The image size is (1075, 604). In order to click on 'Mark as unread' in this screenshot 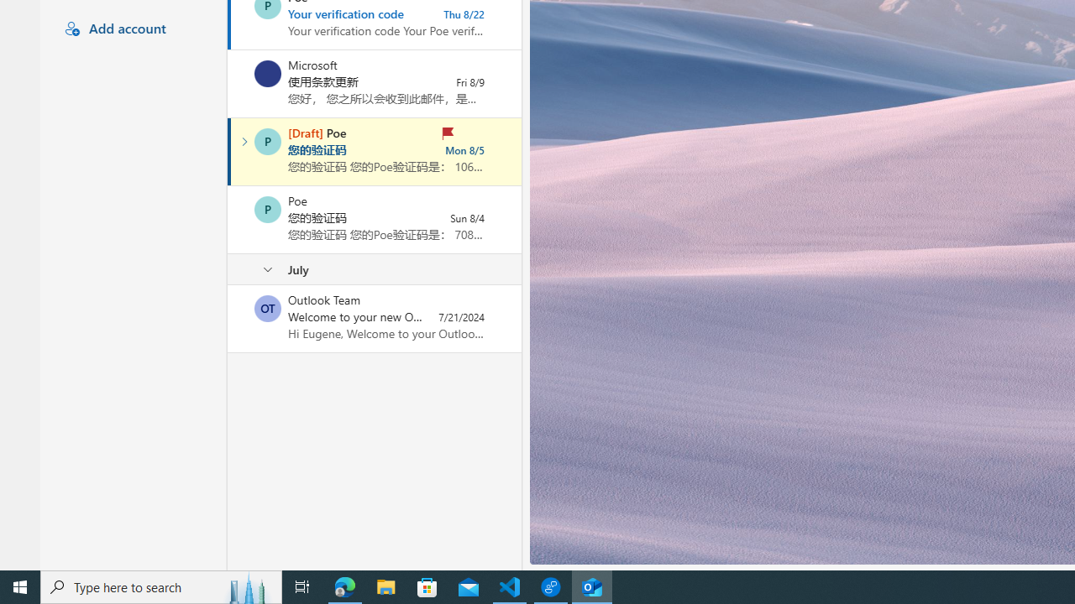, I will do `click(228, 318)`.